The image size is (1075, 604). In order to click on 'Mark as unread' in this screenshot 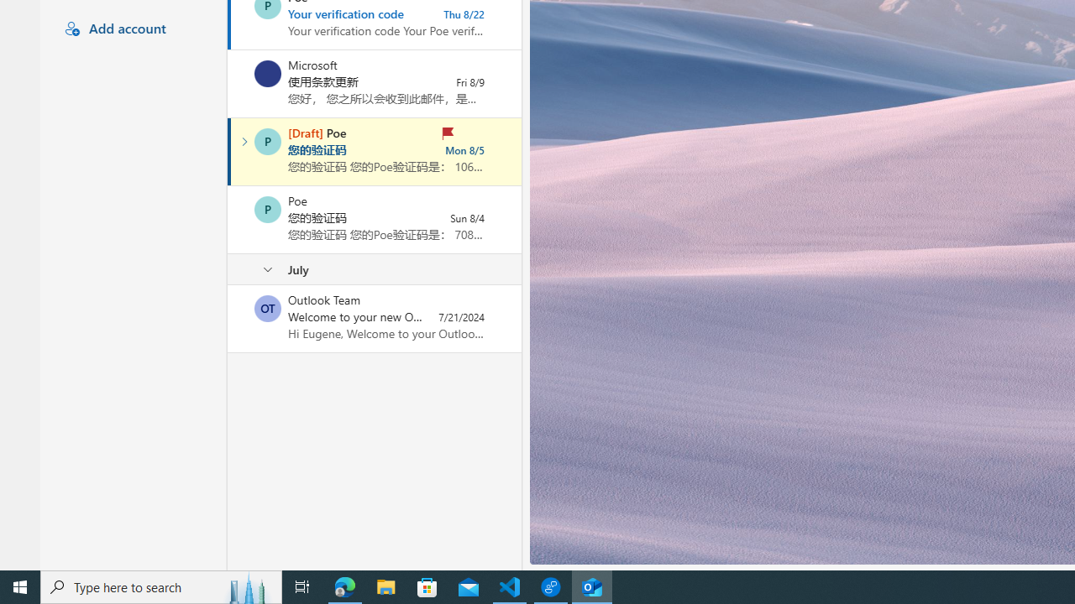, I will do `click(228, 318)`.